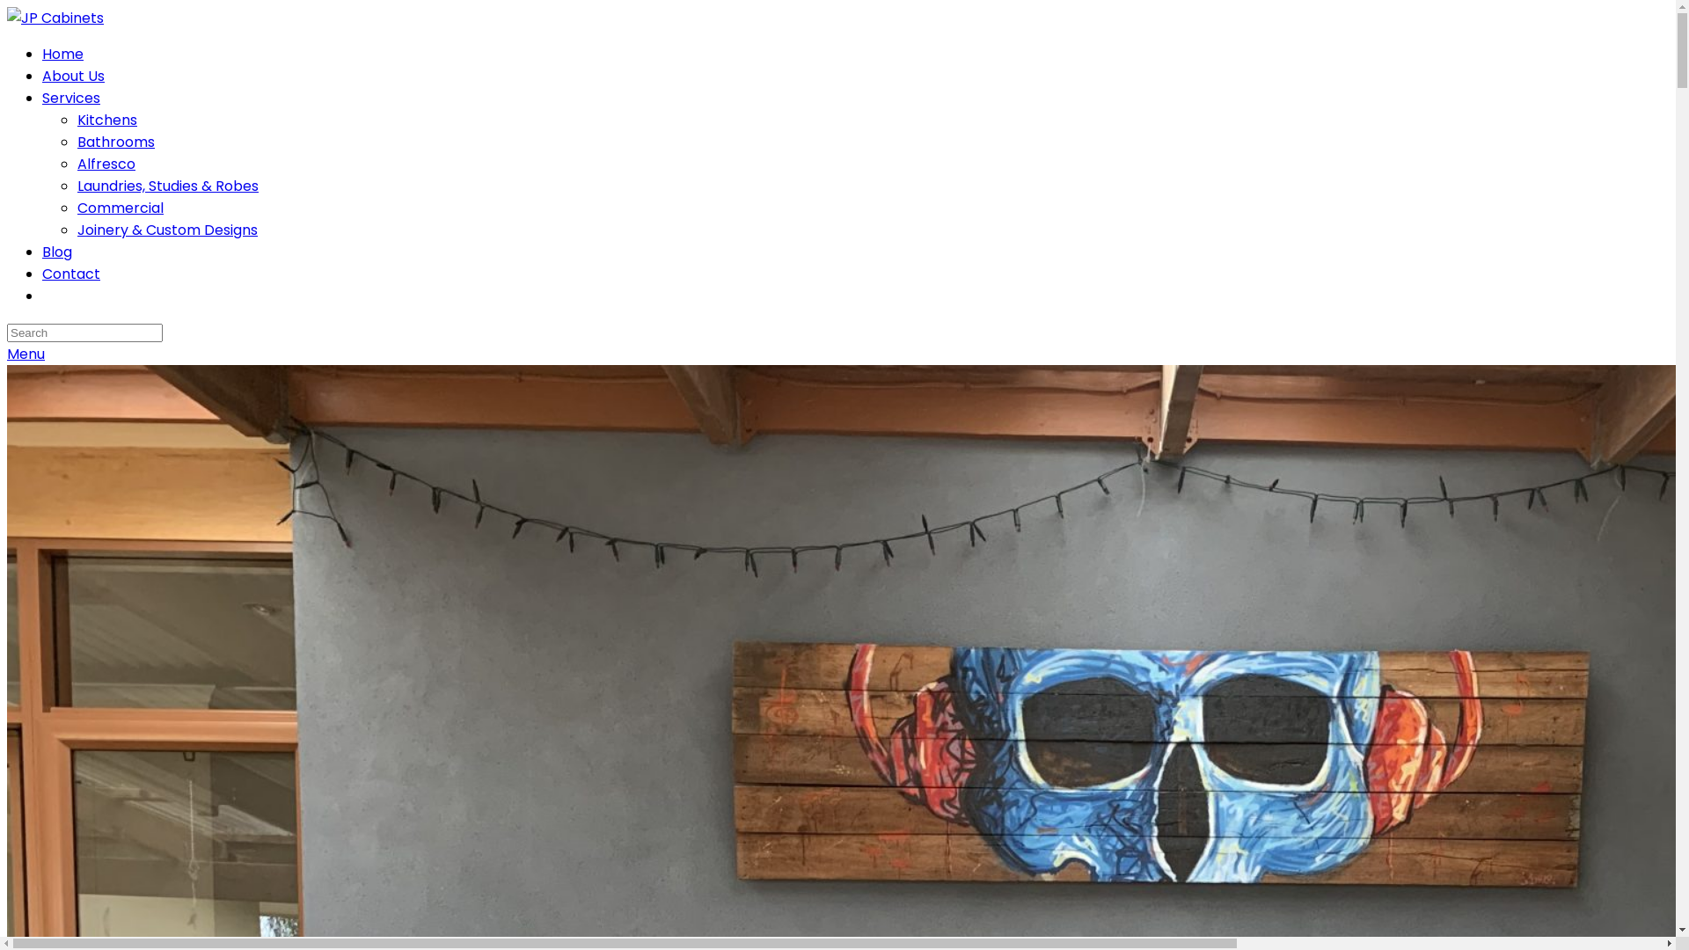  Describe the element at coordinates (106, 119) in the screenshot. I see `'Kitchens'` at that location.